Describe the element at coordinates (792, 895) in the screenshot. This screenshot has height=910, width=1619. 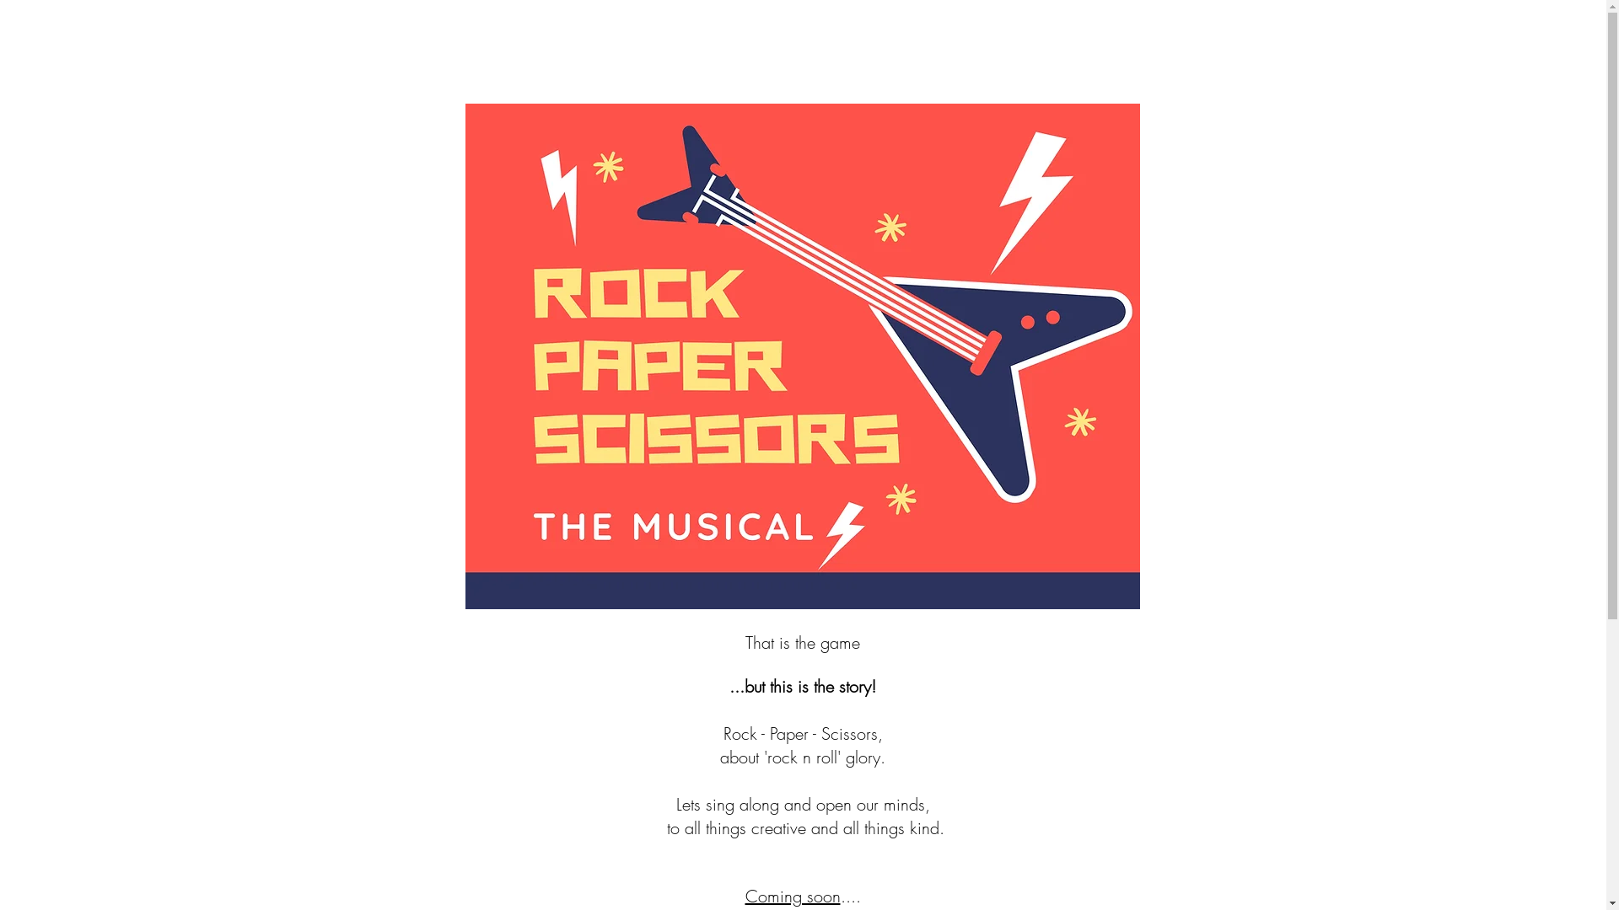
I see `'Coming soon'` at that location.